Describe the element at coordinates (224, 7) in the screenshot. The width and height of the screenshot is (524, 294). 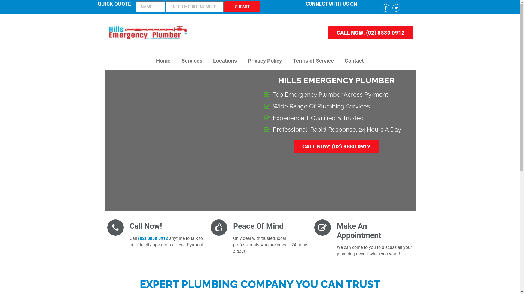
I see `'SUBMIT'` at that location.